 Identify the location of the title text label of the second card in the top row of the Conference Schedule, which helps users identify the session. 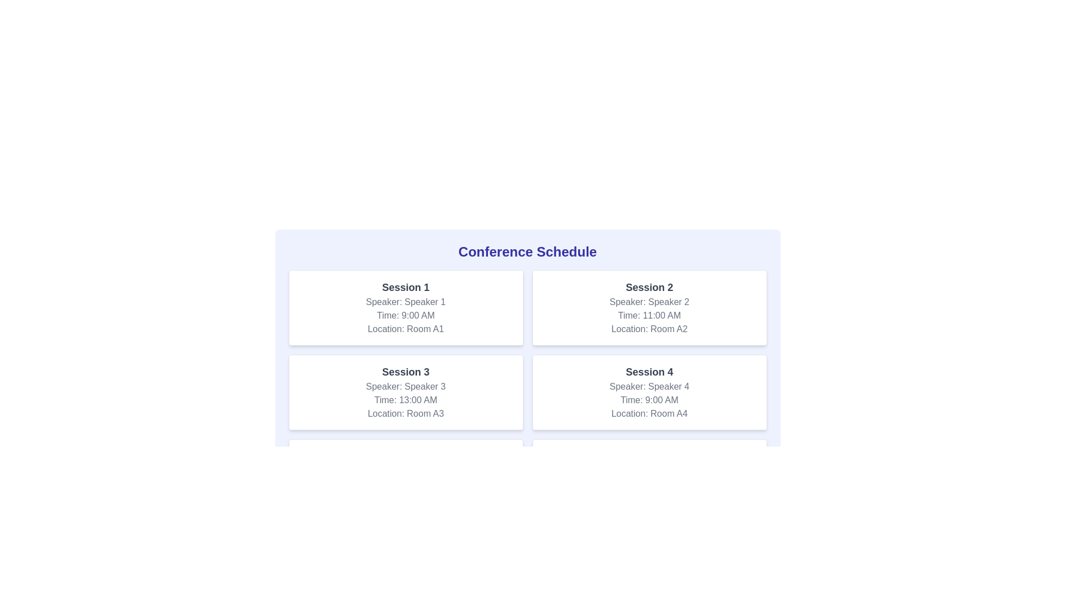
(649, 286).